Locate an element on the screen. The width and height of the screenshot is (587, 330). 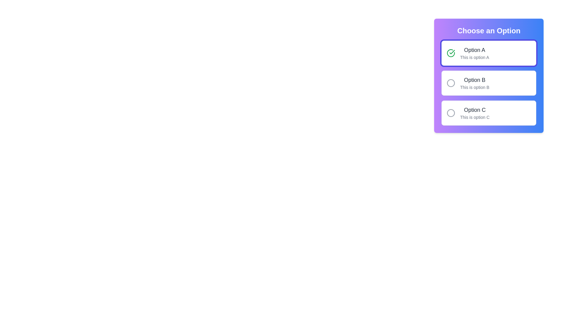
the radio button option labeled 'Option B' within the selection group is located at coordinates (488, 75).